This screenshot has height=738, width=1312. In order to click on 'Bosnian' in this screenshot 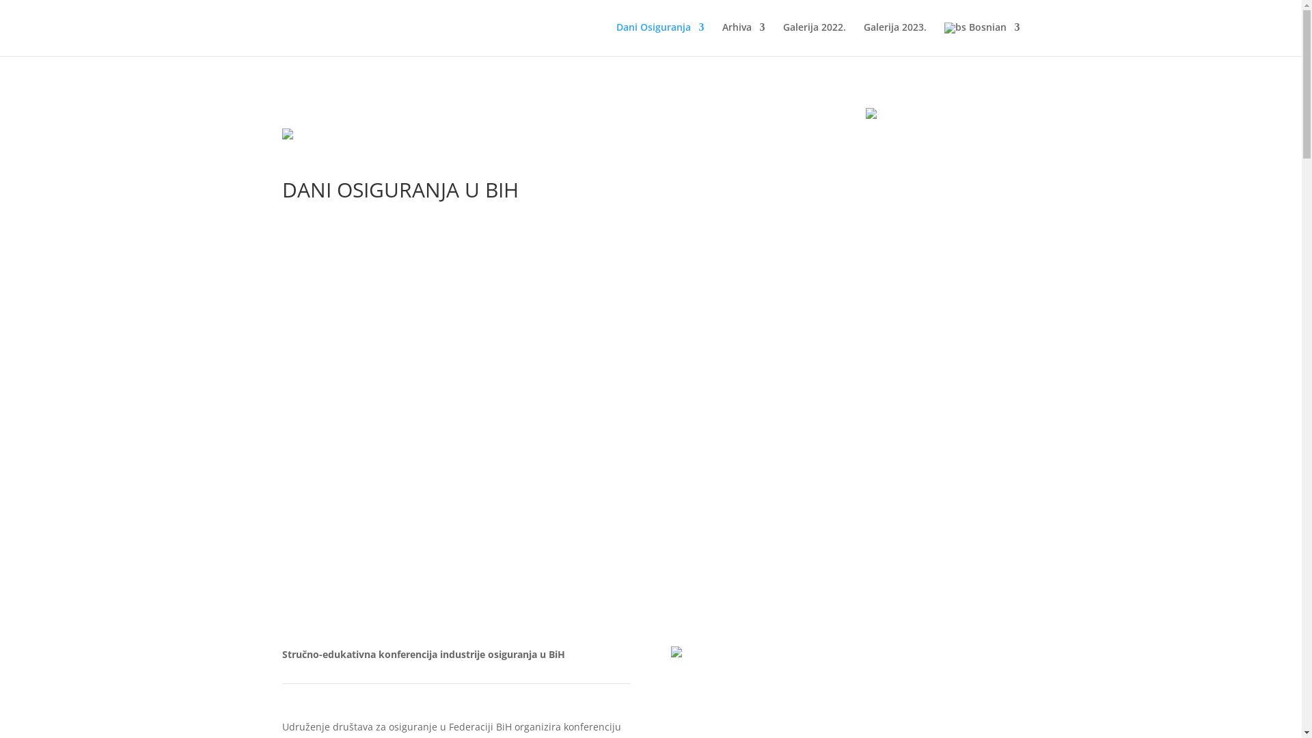, I will do `click(981, 38)`.